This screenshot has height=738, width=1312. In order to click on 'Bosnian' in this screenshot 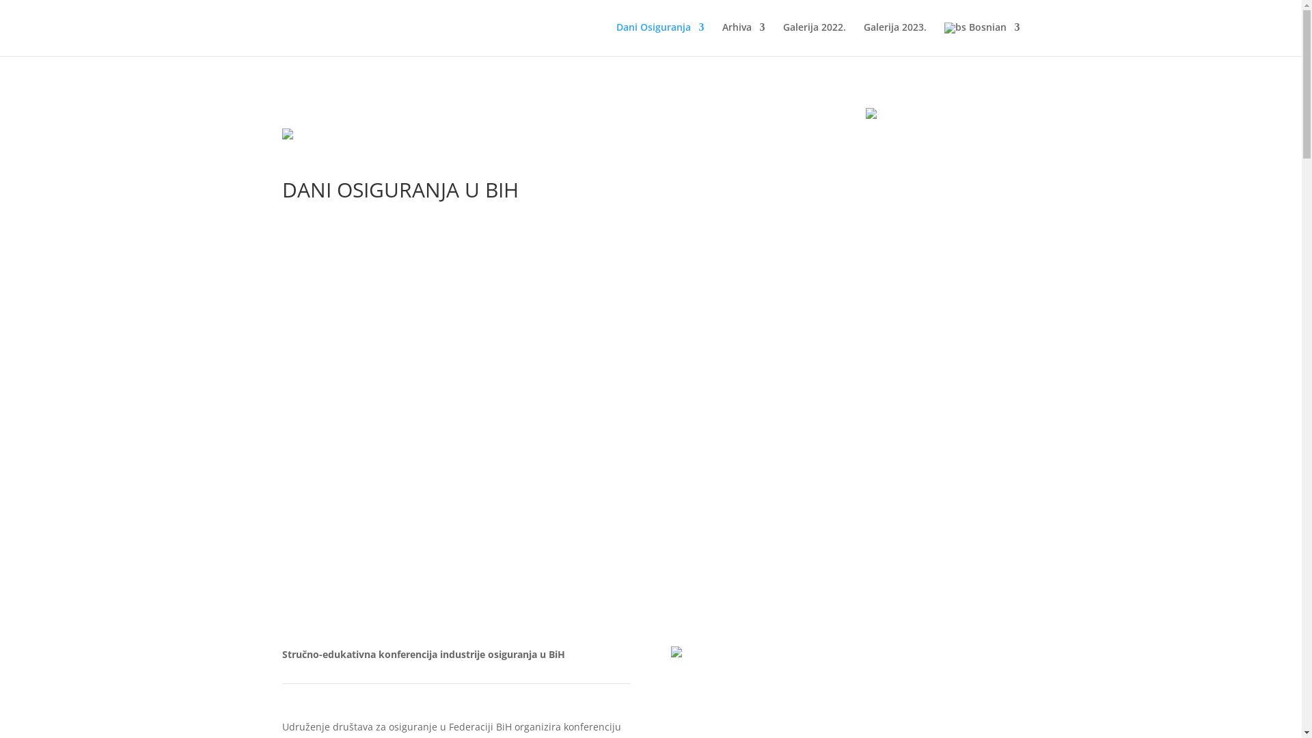, I will do `click(981, 38)`.